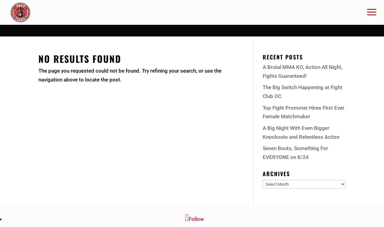  What do you see at coordinates (283, 56) in the screenshot?
I see `'Recent Posts'` at bounding box center [283, 56].